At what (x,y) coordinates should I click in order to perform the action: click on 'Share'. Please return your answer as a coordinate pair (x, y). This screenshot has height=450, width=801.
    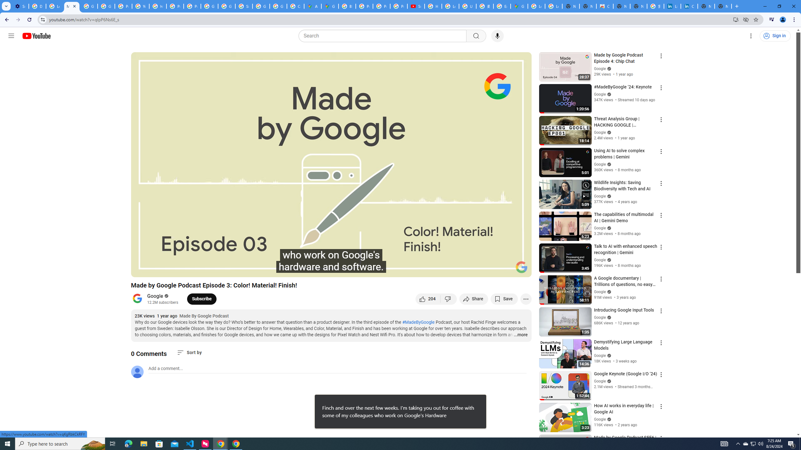
    Looking at the image, I should click on (473, 298).